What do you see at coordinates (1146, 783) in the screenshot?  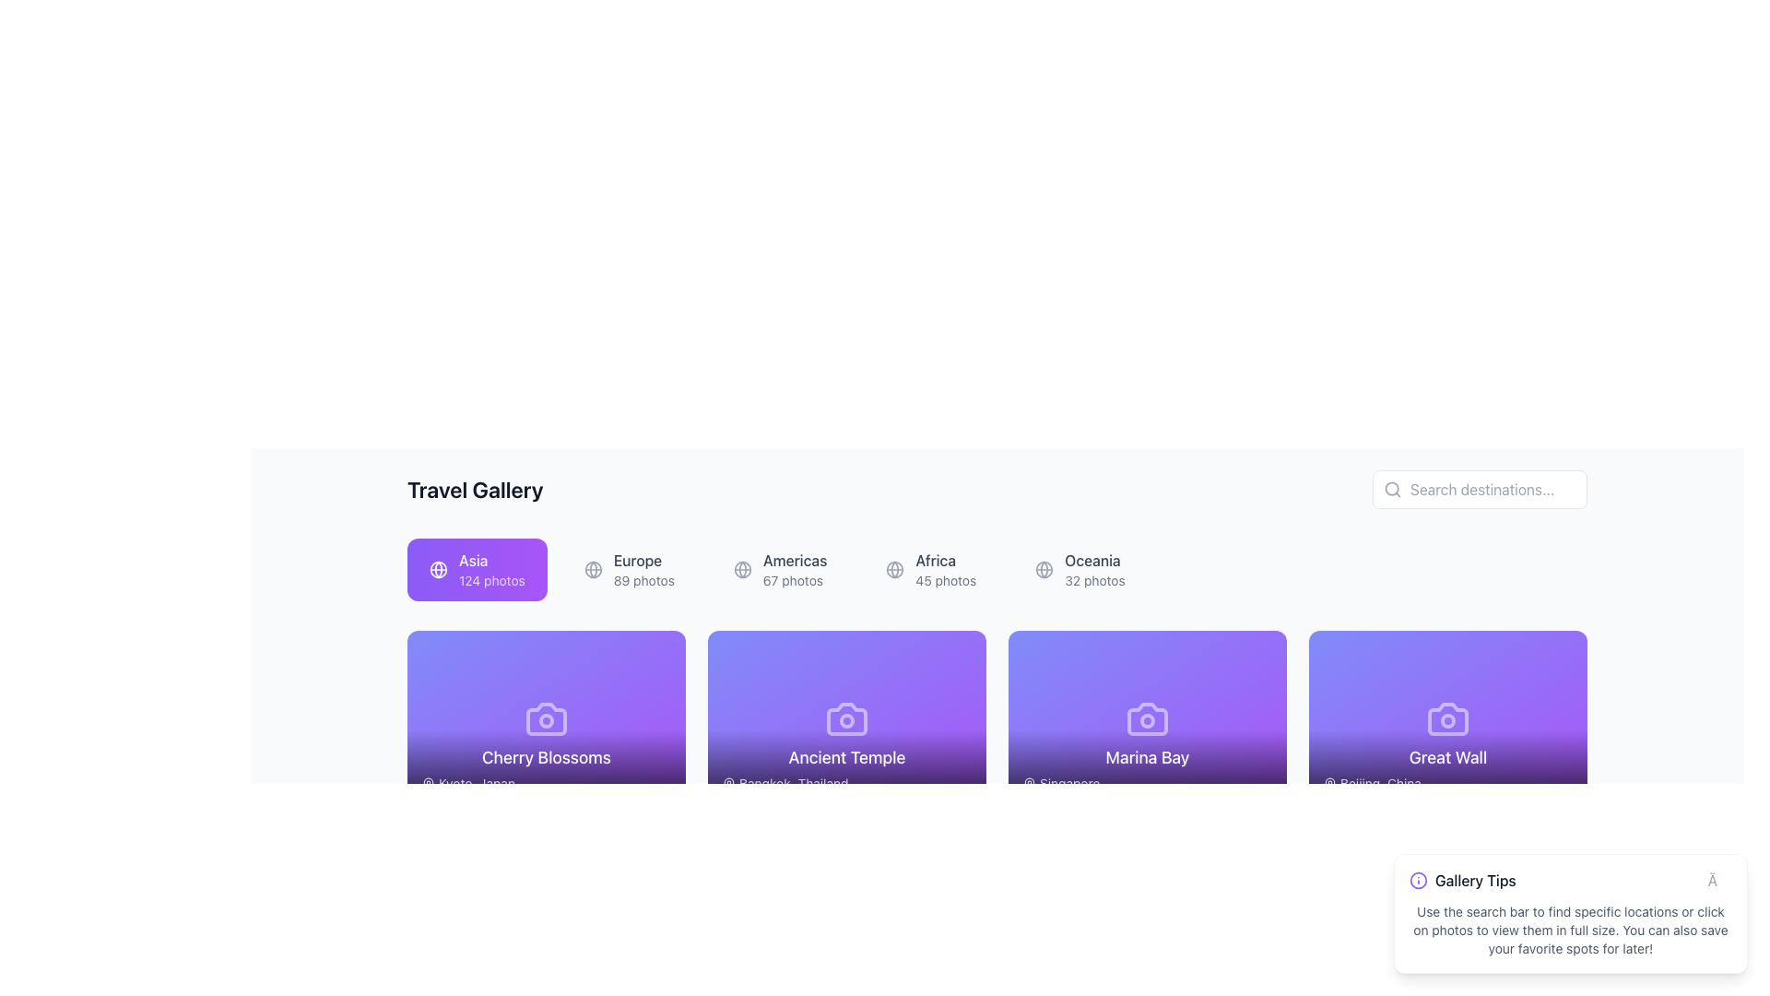 I see `text label 'Singapore' that is displayed in a small, white font with a slightly transparent look, located below the title 'Marina Bay' and accompanied by a map pin icon` at bounding box center [1146, 783].